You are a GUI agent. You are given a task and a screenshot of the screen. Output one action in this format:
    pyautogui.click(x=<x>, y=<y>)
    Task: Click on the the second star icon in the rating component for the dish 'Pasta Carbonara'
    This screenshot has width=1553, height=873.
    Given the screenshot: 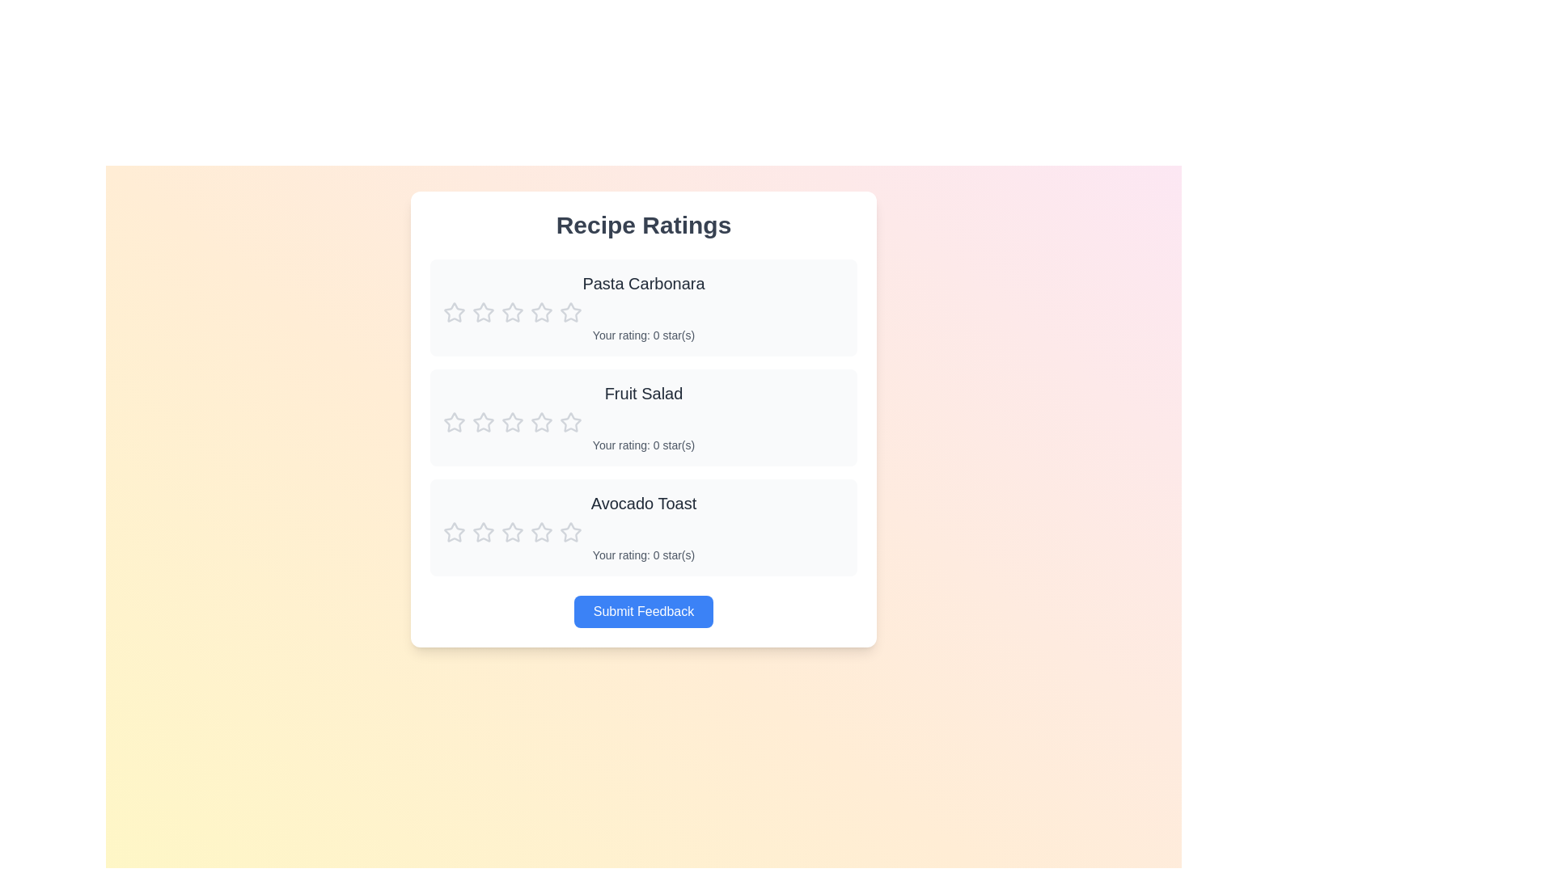 What is the action you would take?
    pyautogui.click(x=570, y=312)
    